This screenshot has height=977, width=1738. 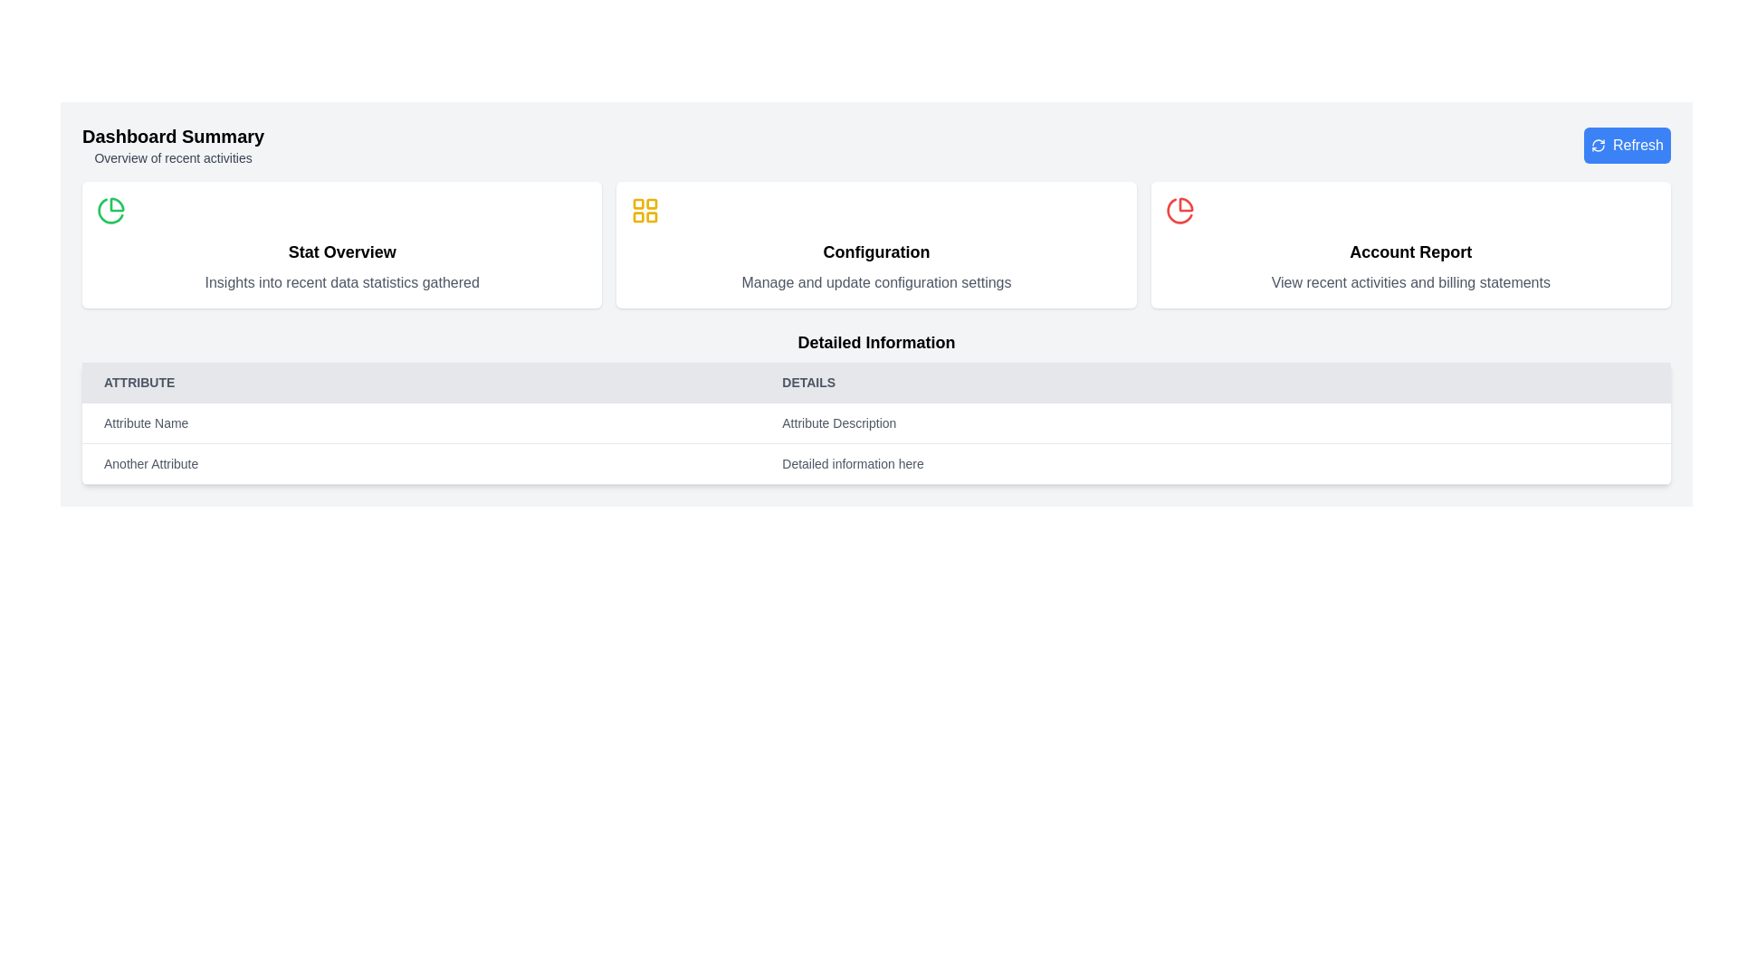 What do you see at coordinates (652, 204) in the screenshot?
I see `the top-right square of the 2x2 grid icon, which is bright yellow and located above the 'Configuration' text in the Dashboard Summary` at bounding box center [652, 204].